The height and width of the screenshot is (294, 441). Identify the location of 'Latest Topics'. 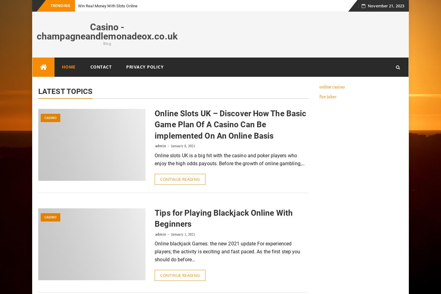
(65, 91).